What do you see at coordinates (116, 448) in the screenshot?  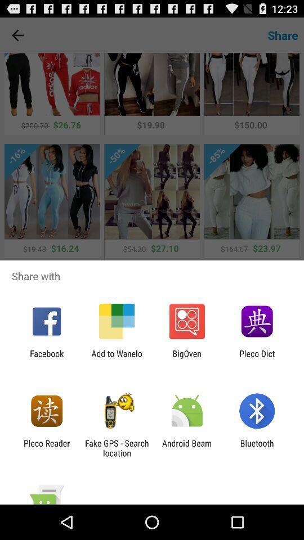 I see `fake gps search item` at bounding box center [116, 448].